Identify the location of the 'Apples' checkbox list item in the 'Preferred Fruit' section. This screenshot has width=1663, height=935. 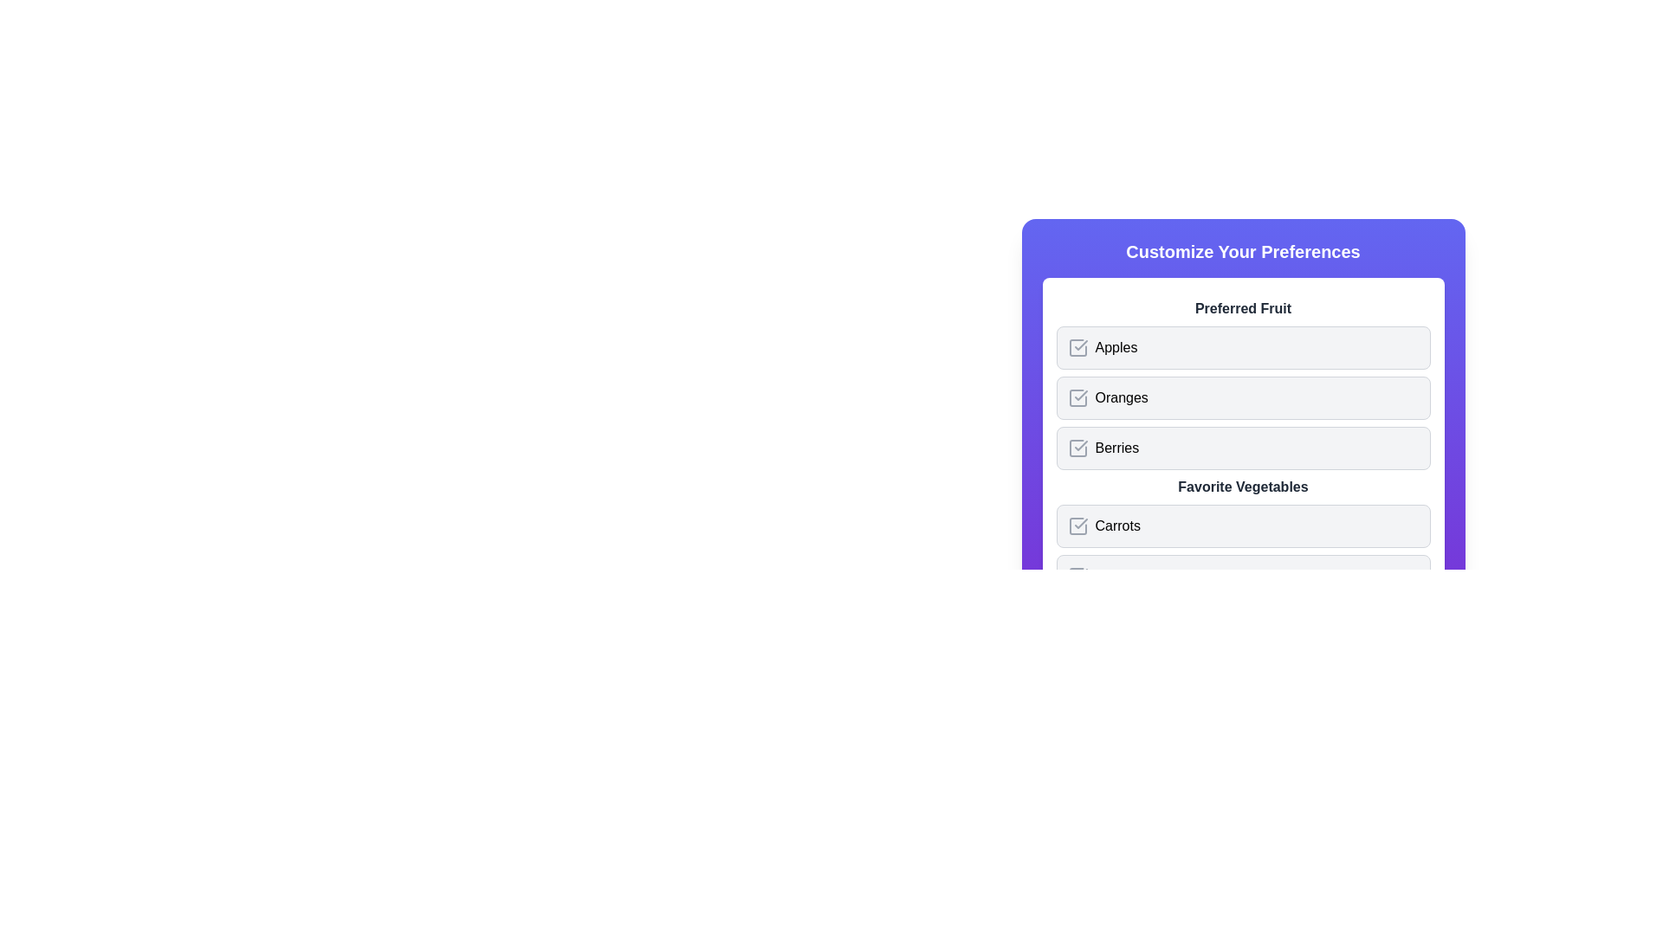
(1242, 347).